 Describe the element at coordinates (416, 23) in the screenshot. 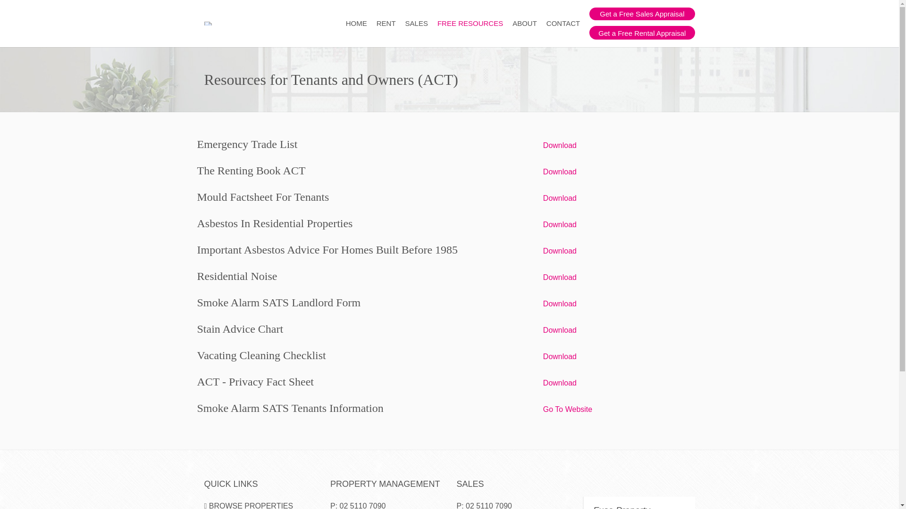

I see `'SALES'` at that location.